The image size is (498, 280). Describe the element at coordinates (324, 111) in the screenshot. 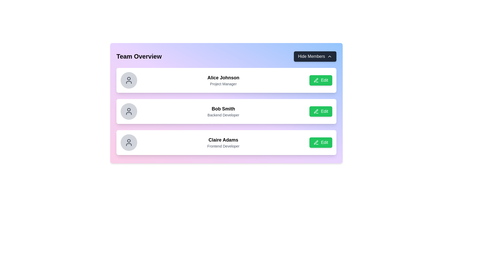

I see `the text label inside the green button next to 'Bob Smith', the 'Backend Developer'` at that location.